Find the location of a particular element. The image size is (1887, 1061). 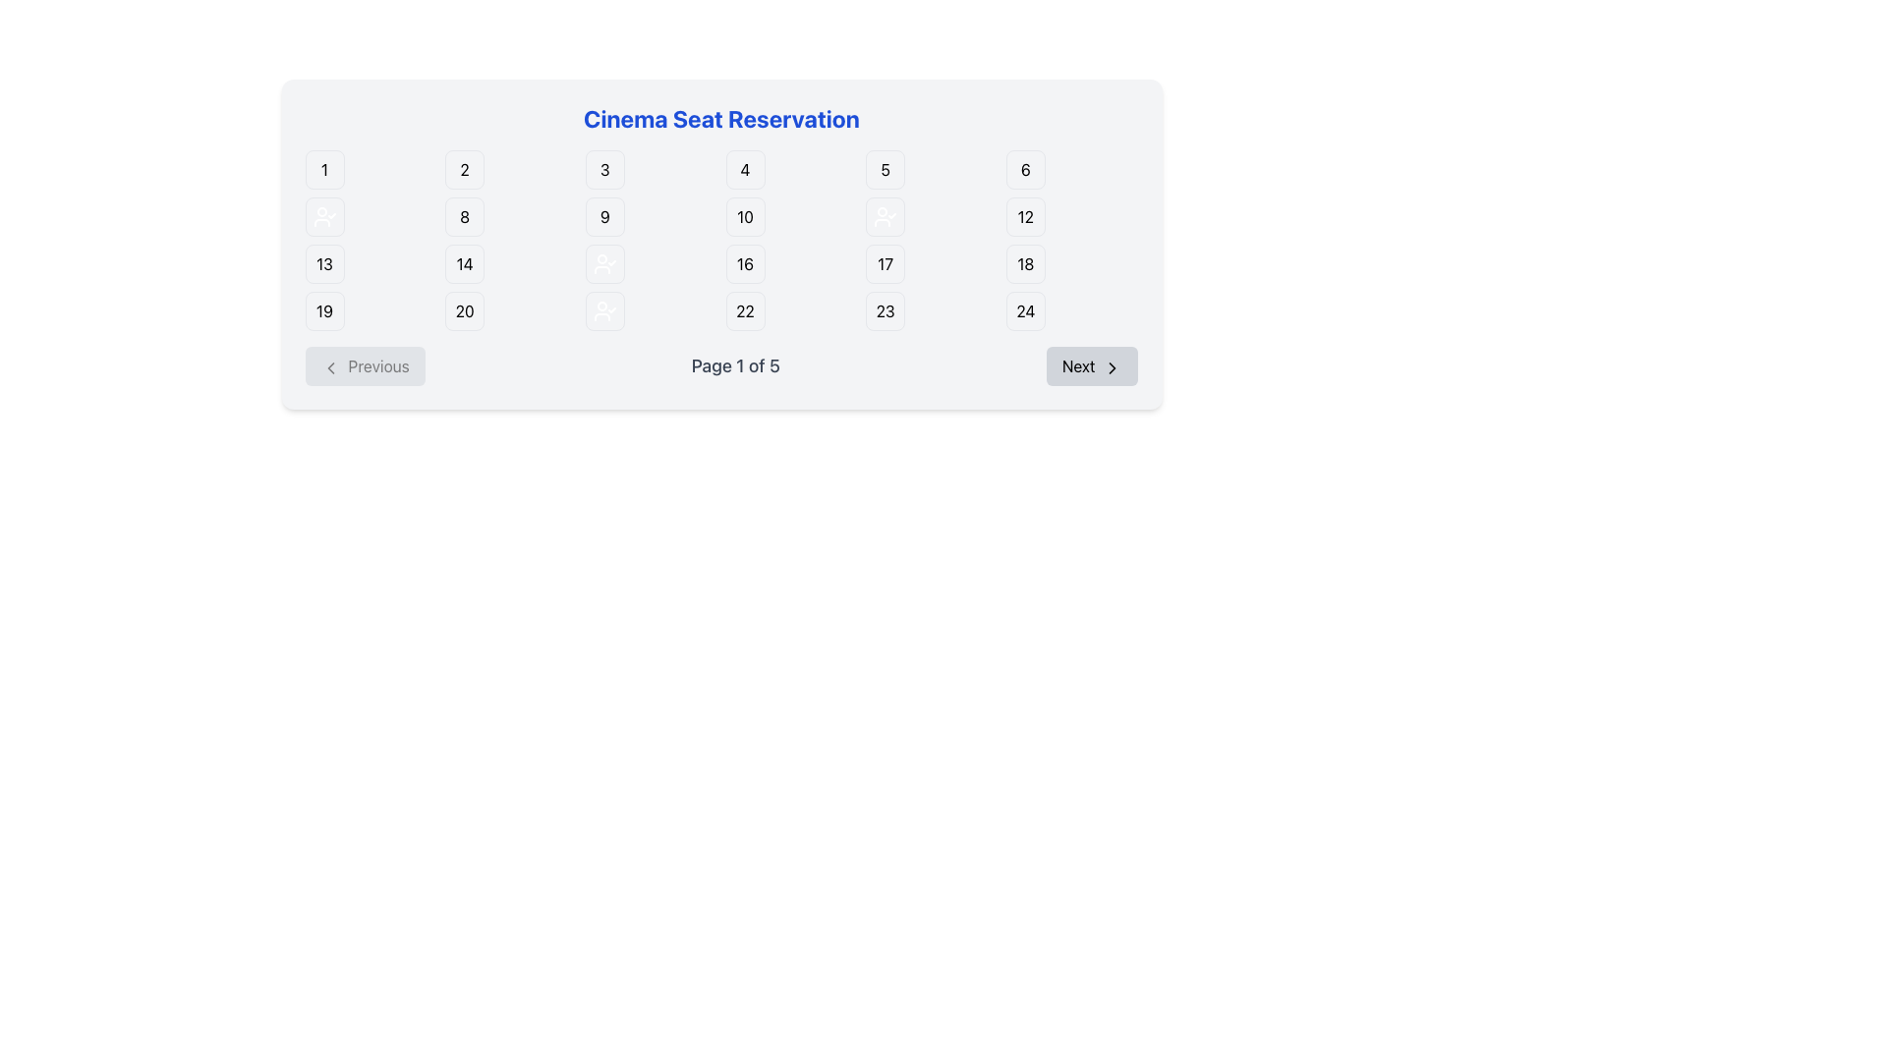

the seat button within the cinema seating map represented by the Grid Layout, which is centrally located and allows users is located at coordinates (720, 240).